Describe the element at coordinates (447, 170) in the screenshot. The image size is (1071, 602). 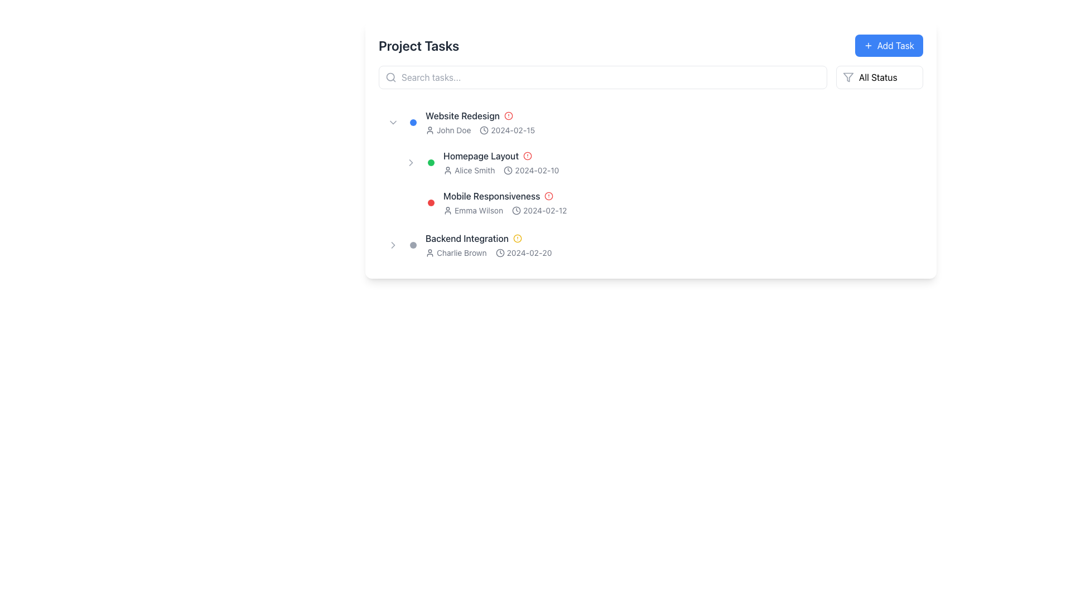
I see `the Profile icon representing 'Alice Smith' located to the left of the text in the second item of 'Homepage Layout' under 'Project Tasks'` at that location.